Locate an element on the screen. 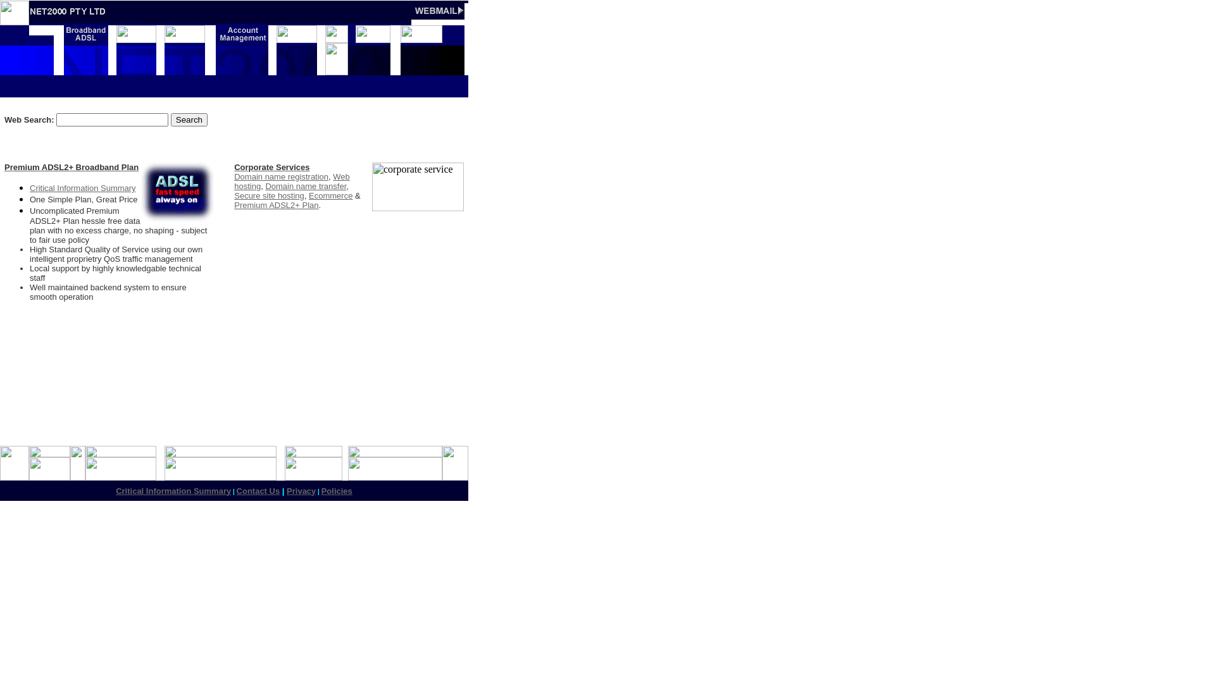 The image size is (1215, 683). 'Privacy' is located at coordinates (300, 489).